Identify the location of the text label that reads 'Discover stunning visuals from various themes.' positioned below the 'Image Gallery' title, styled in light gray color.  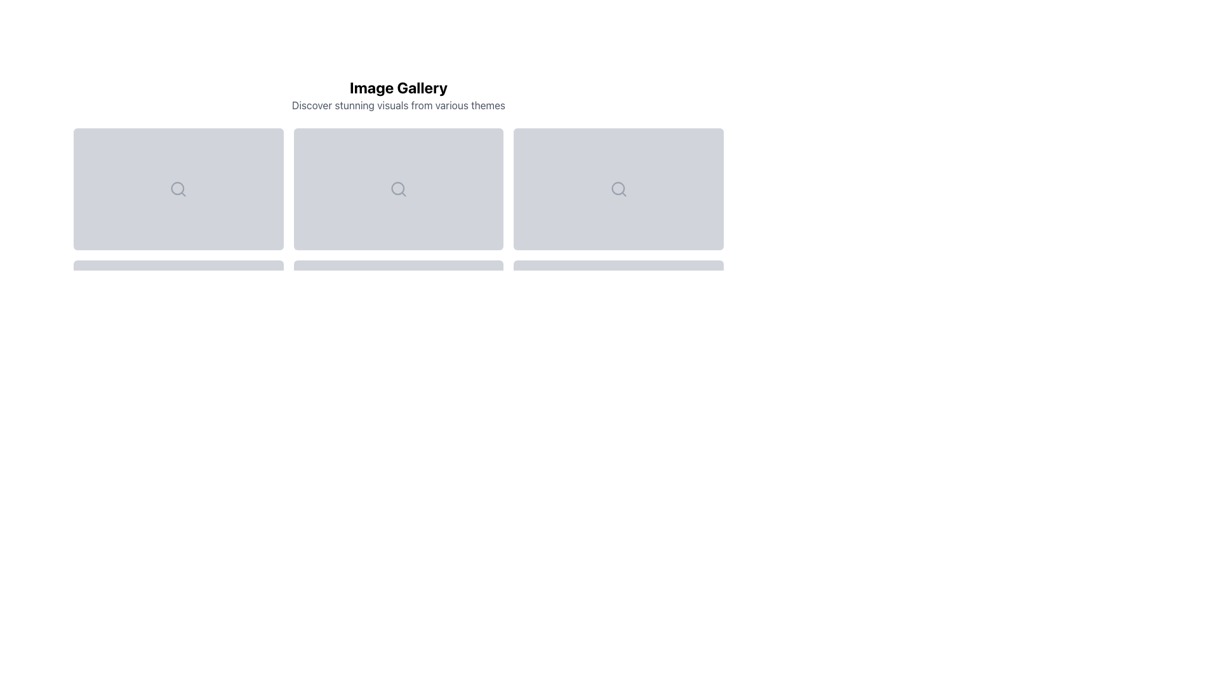
(398, 104).